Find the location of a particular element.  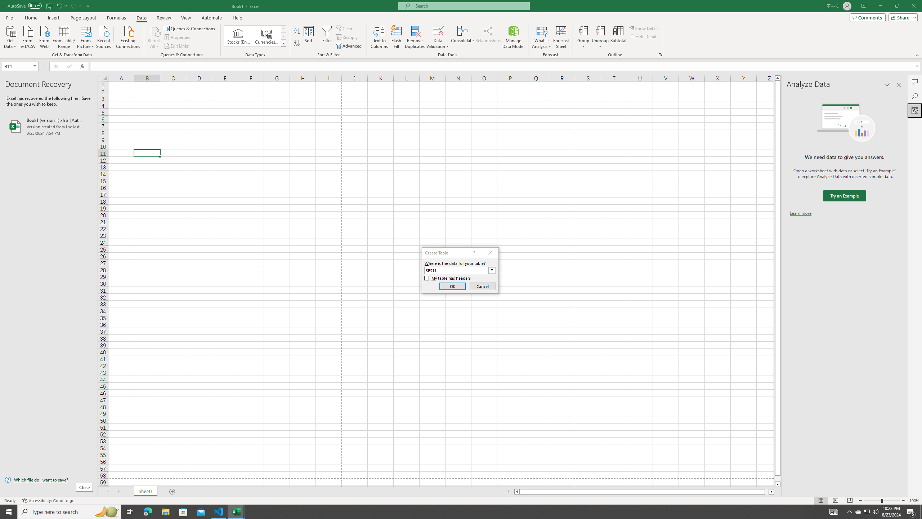

'Consolidate...' is located at coordinates (462, 37).